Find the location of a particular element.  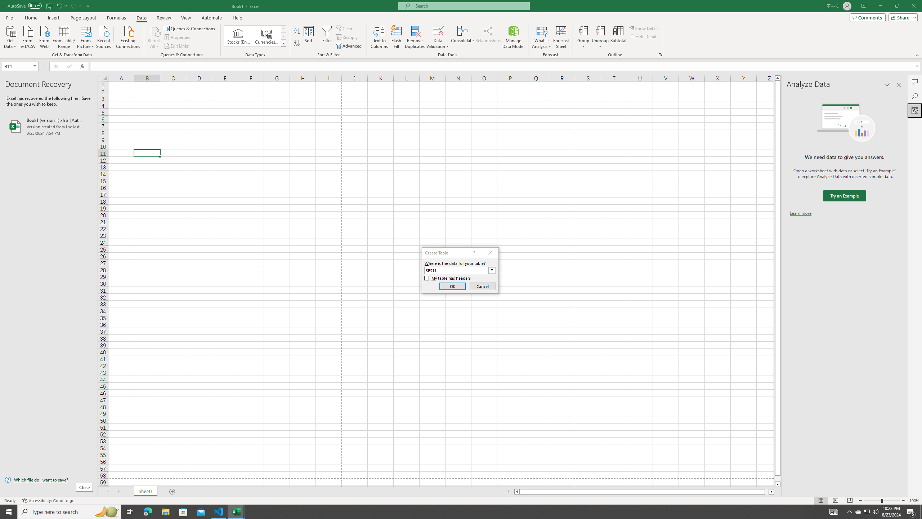

'Consolidate...' is located at coordinates (462, 37).